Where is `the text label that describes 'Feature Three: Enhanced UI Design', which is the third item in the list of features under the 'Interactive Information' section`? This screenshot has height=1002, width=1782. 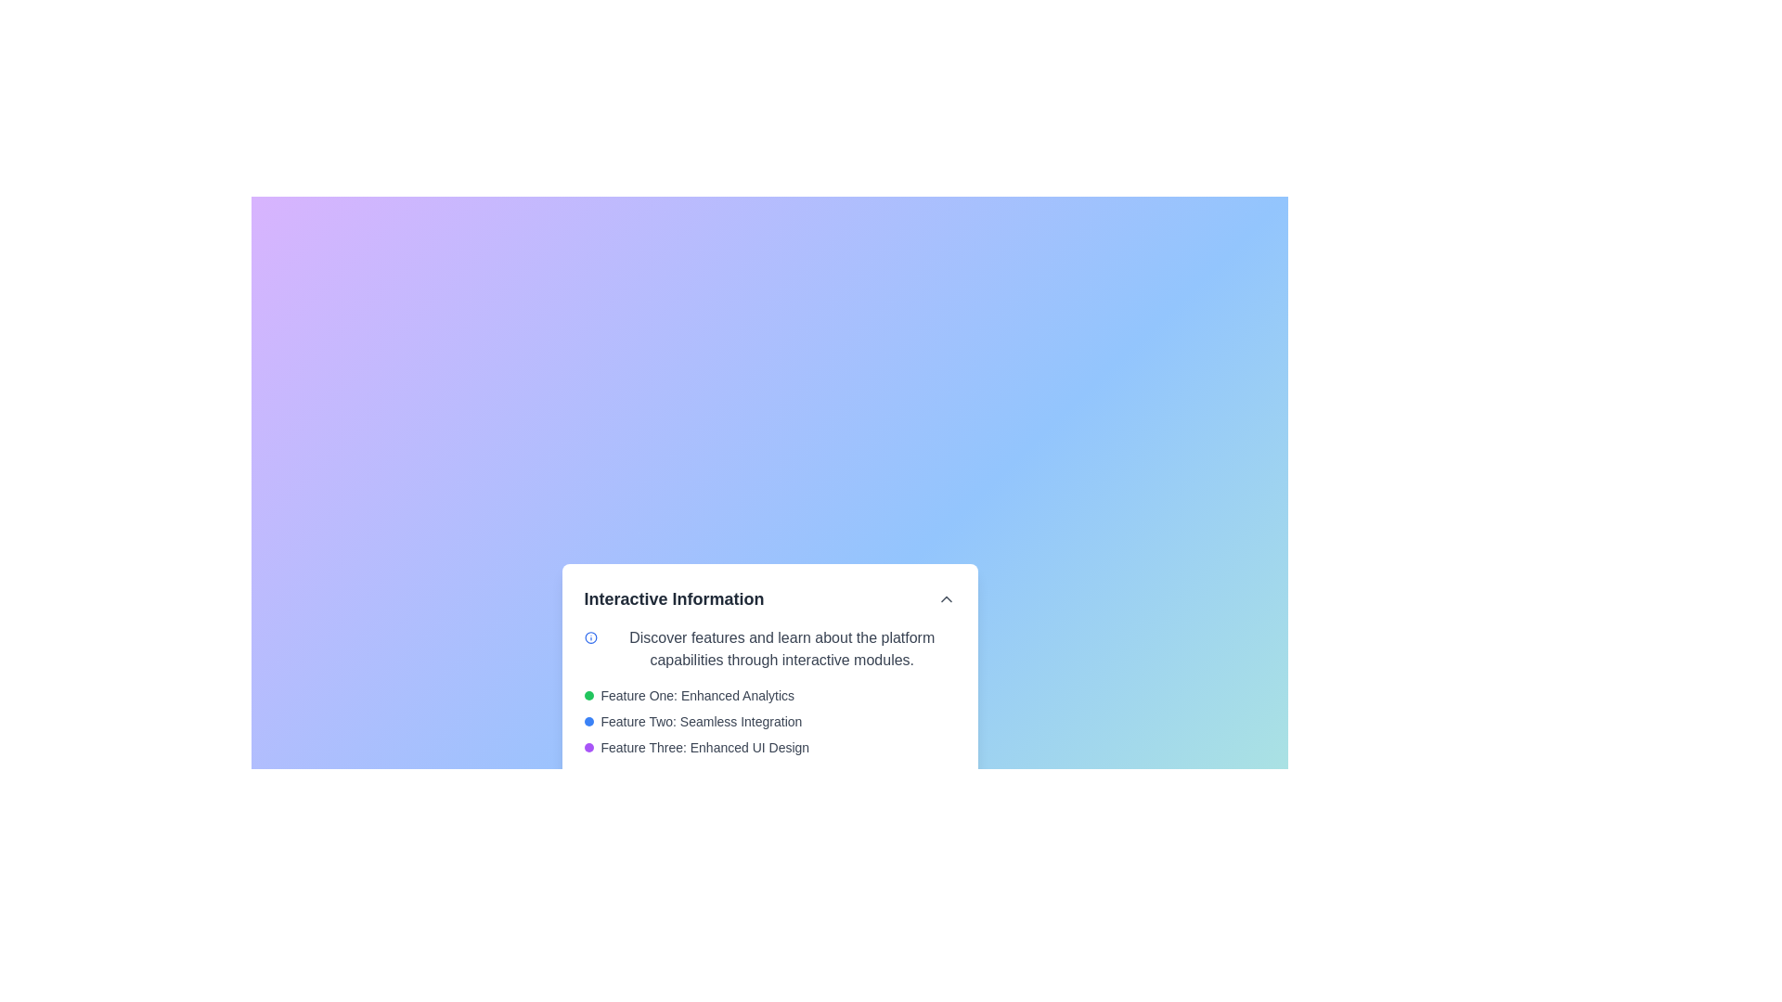
the text label that describes 'Feature Three: Enhanced UI Design', which is the third item in the list of features under the 'Interactive Information' section is located at coordinates (704, 747).